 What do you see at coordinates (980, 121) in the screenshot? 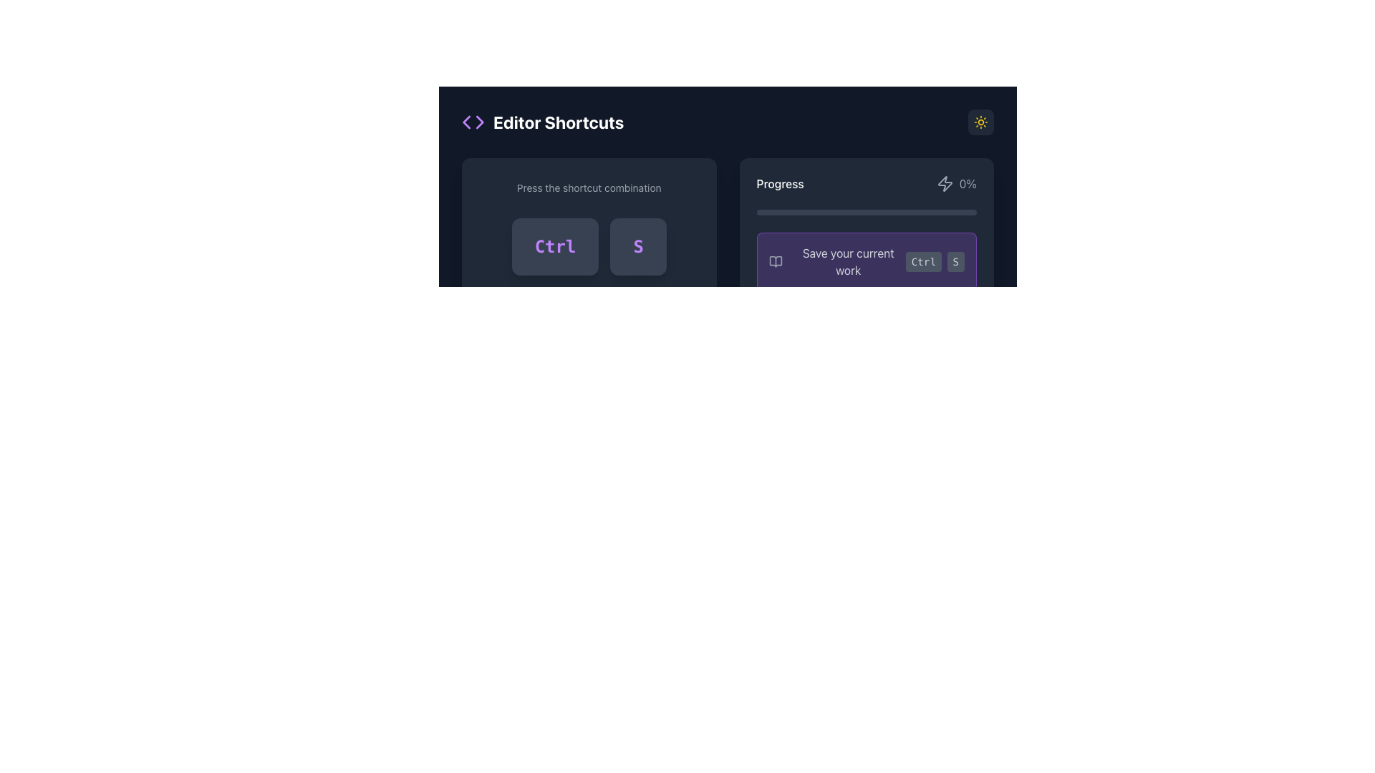
I see `the sun icon located near the top-right corner of the interface` at bounding box center [980, 121].